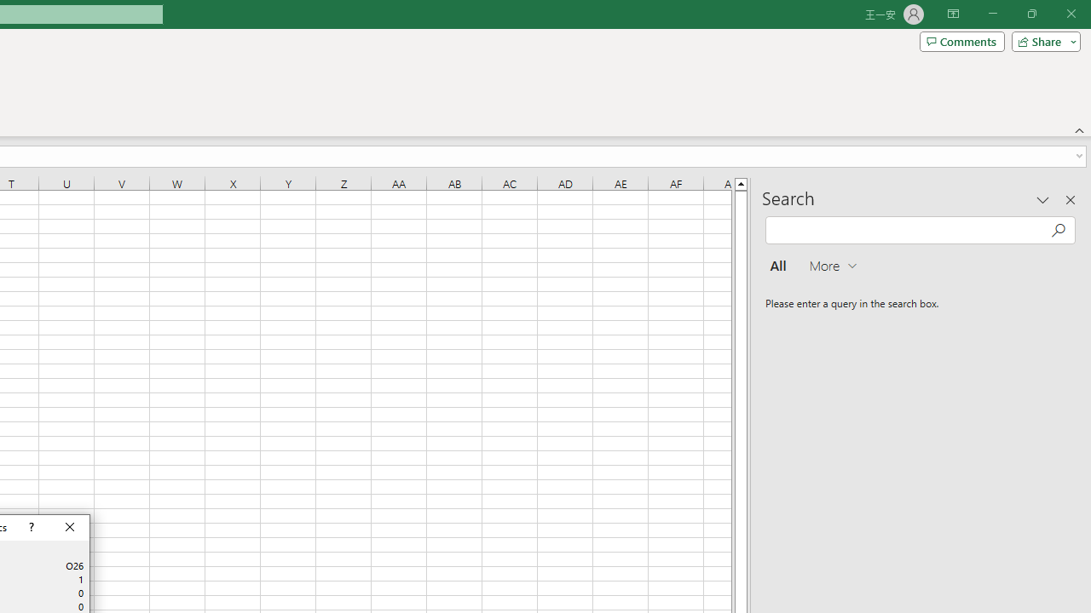  Describe the element at coordinates (1042, 40) in the screenshot. I see `'Share'` at that location.